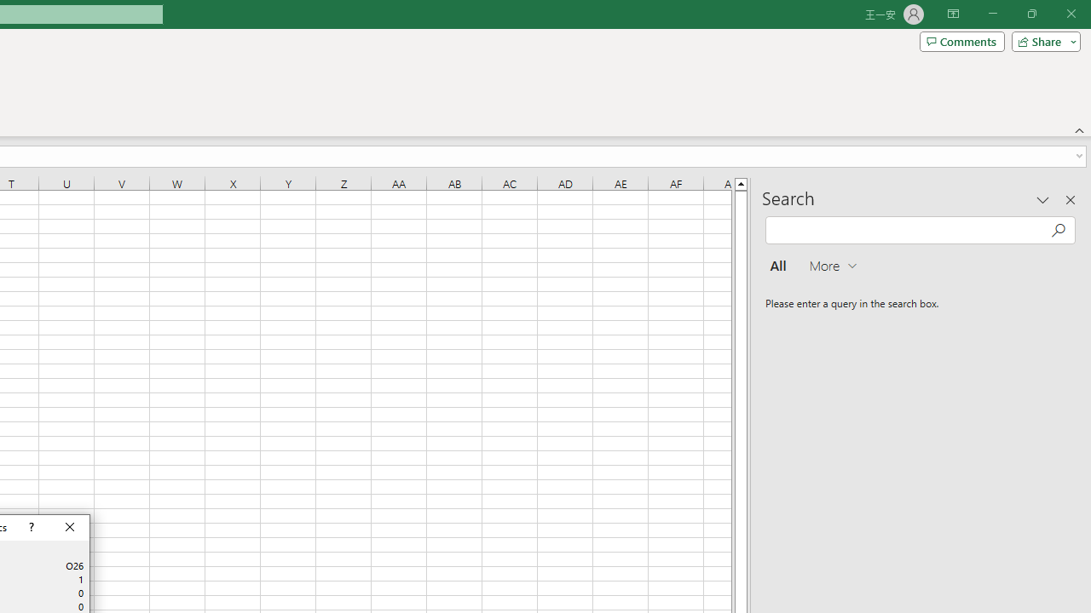  Describe the element at coordinates (1042, 40) in the screenshot. I see `'Share'` at that location.